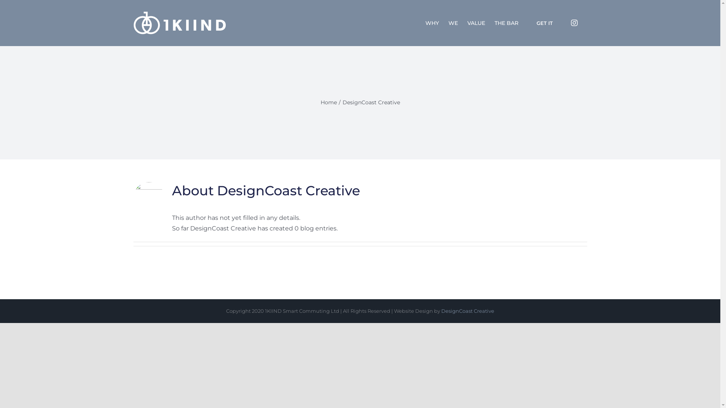  Describe the element at coordinates (453, 23) in the screenshot. I see `'WE'` at that location.